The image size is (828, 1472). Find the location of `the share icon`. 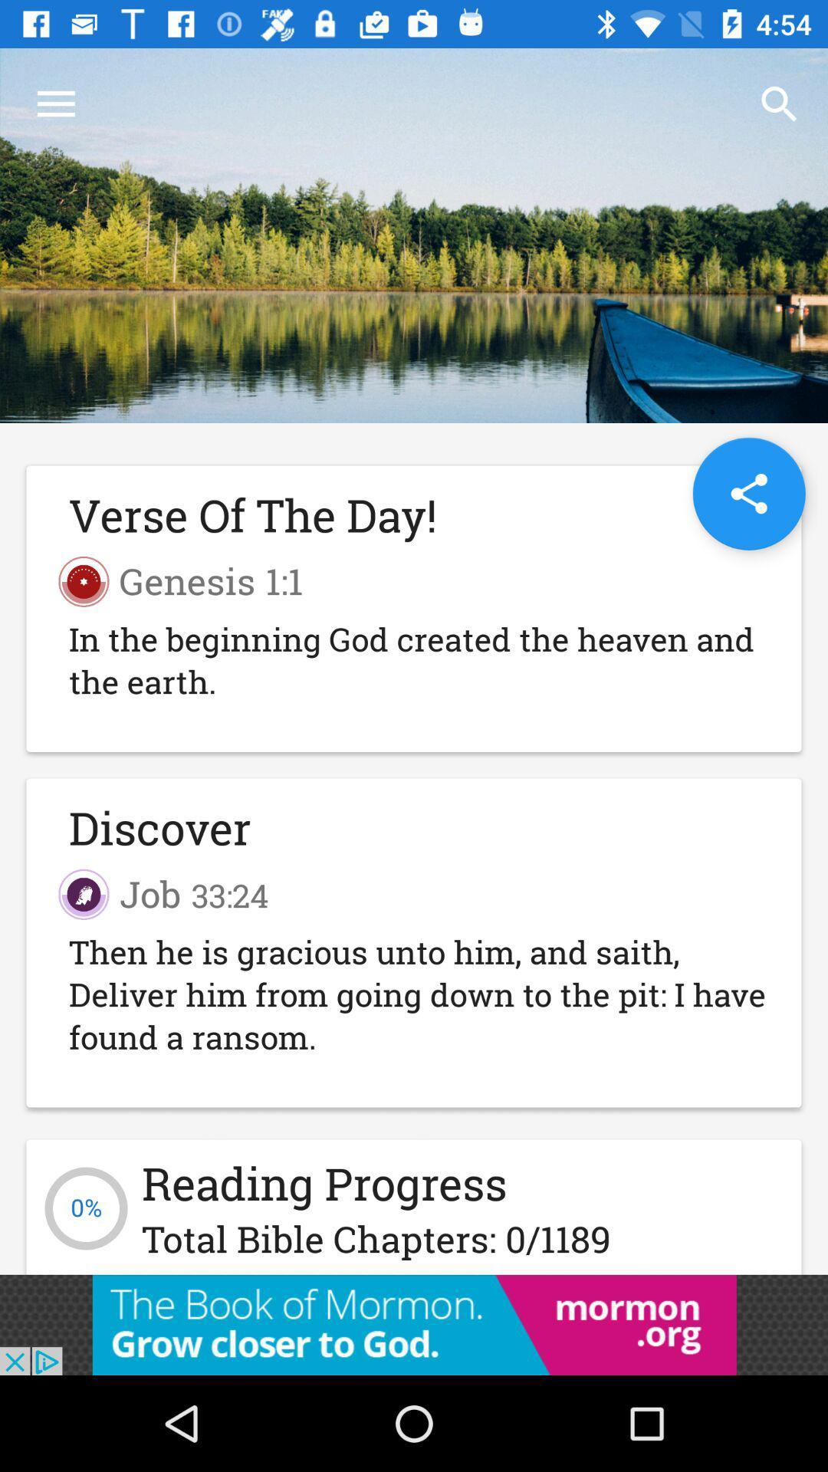

the share icon is located at coordinates (748, 494).